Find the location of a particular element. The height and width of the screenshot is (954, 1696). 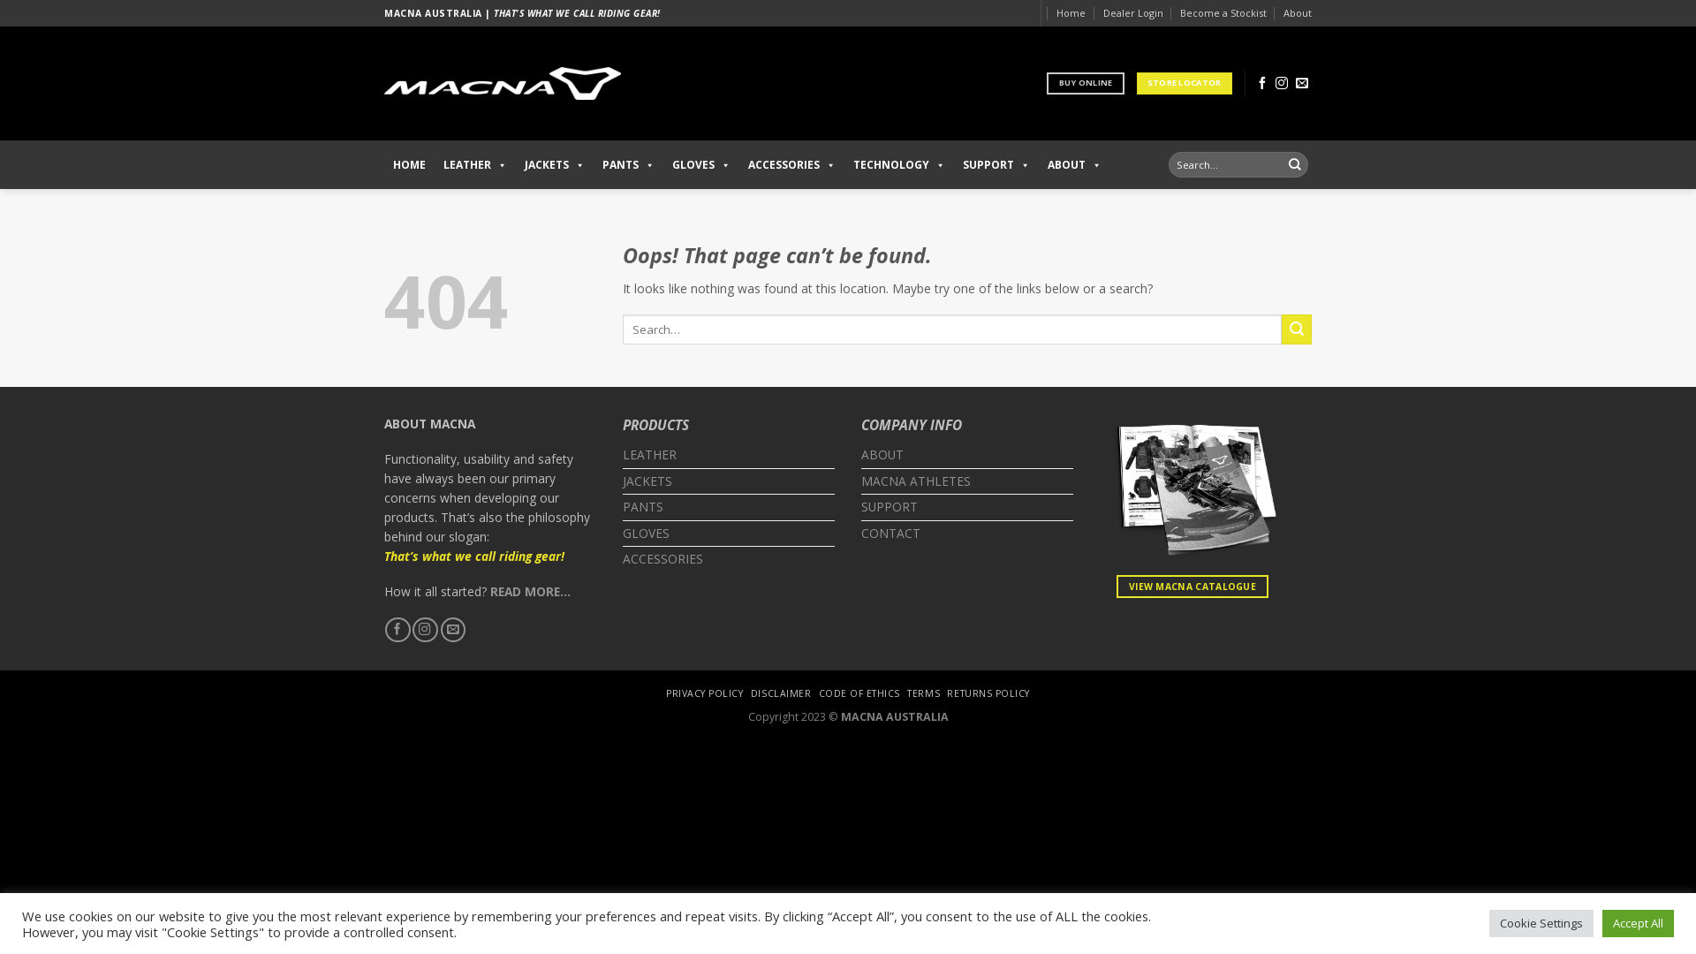

'SUPPORT' is located at coordinates (890, 507).